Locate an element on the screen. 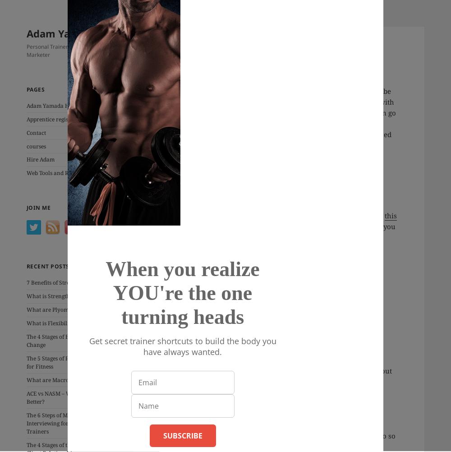 The width and height of the screenshot is (451, 452). 'What is Strength Training?' is located at coordinates (61, 295).